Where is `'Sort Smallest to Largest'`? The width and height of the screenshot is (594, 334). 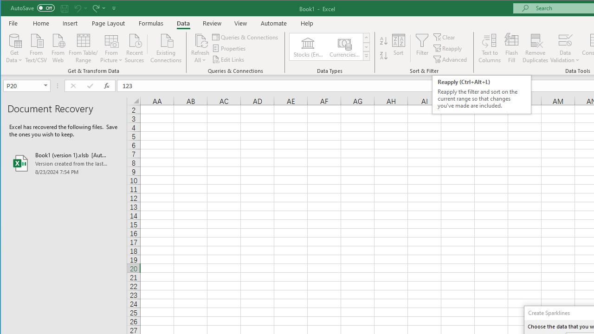
'Sort Smallest to Largest' is located at coordinates (384, 40).